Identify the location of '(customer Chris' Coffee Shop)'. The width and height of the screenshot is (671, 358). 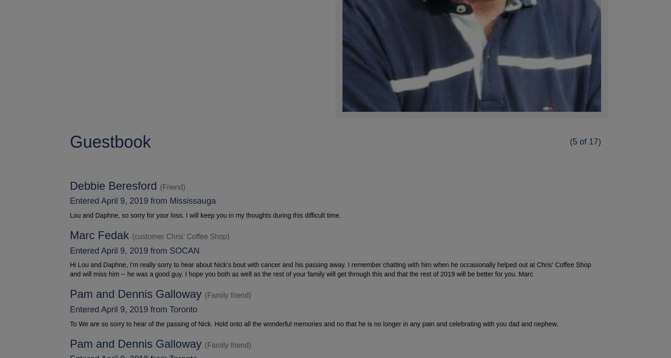
(180, 236).